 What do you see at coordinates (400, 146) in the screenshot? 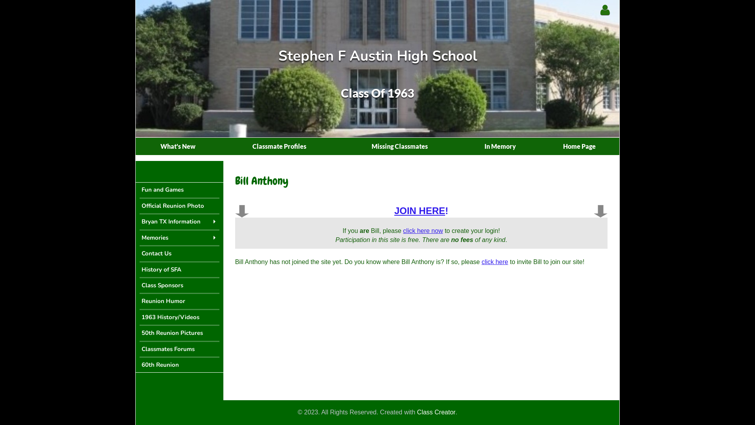
I see `'Missing Classmates'` at bounding box center [400, 146].